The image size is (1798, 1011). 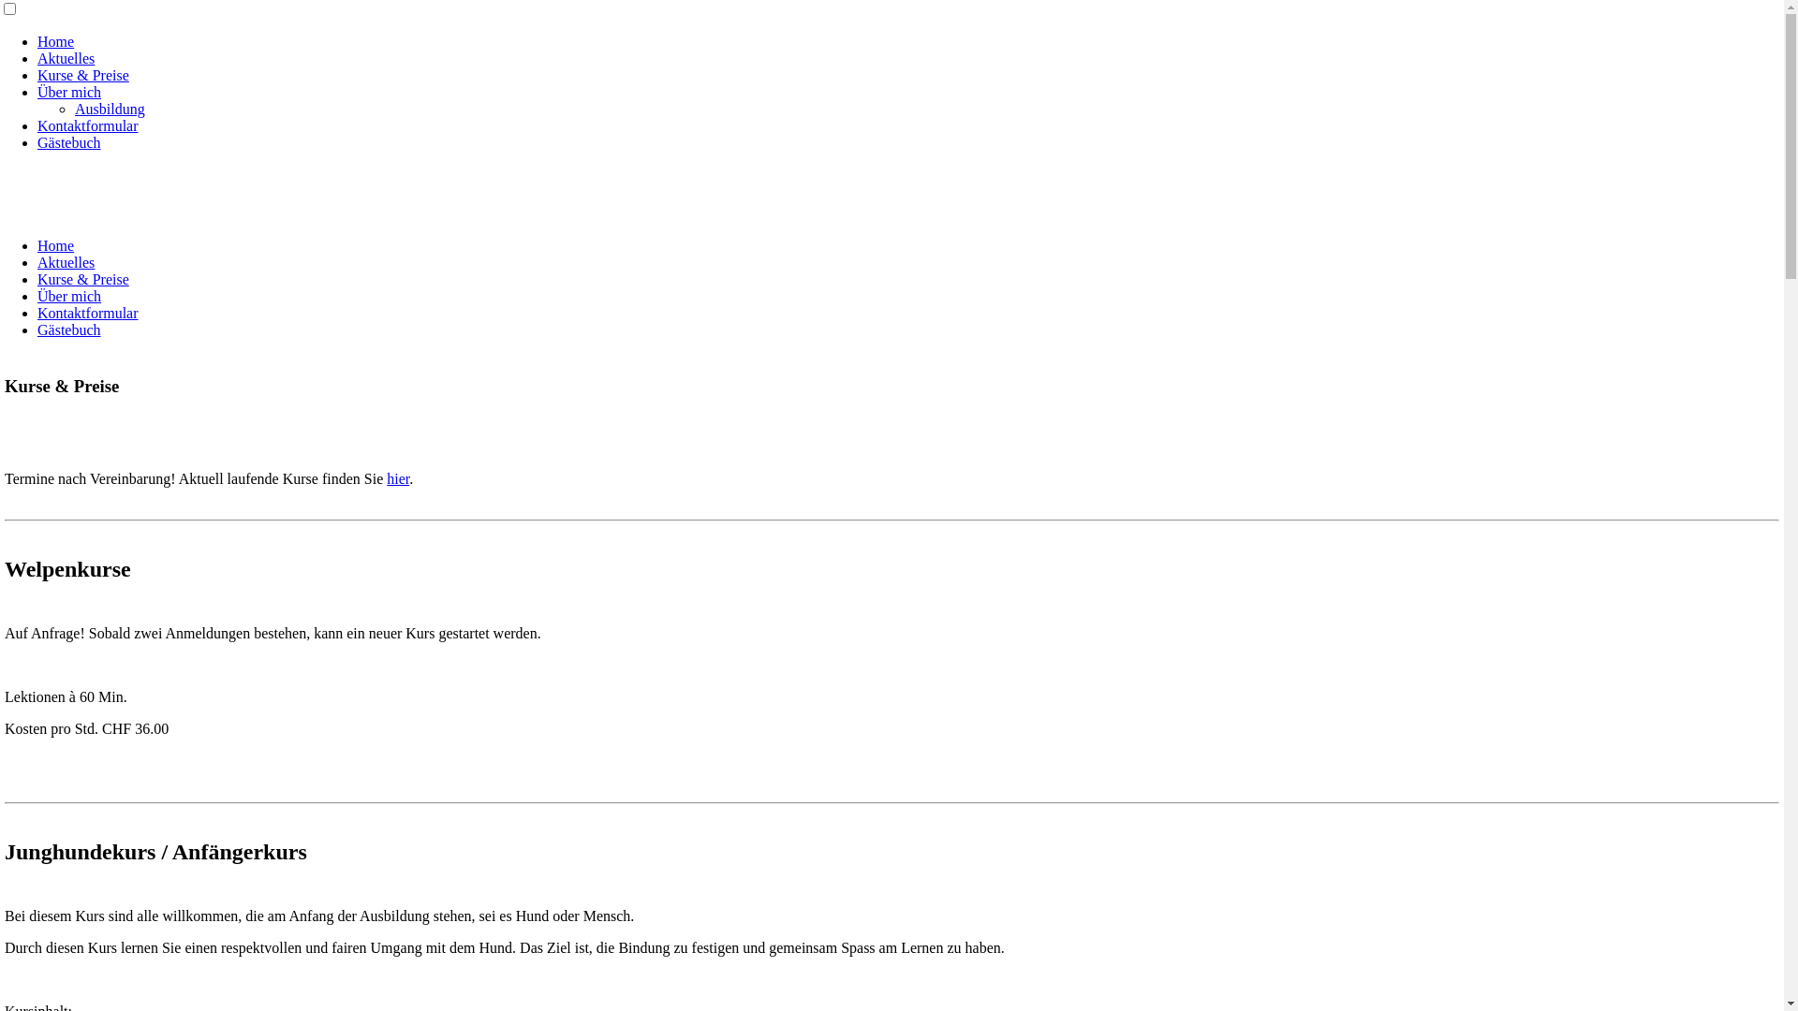 What do you see at coordinates (109, 109) in the screenshot?
I see `'Ausbildung'` at bounding box center [109, 109].